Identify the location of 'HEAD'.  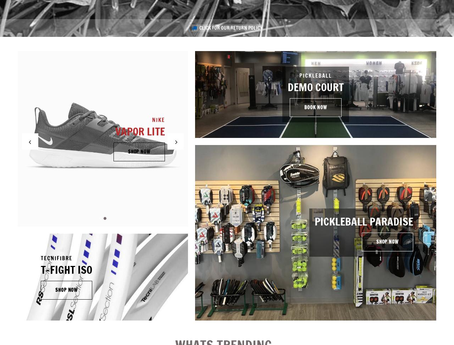
(218, 117).